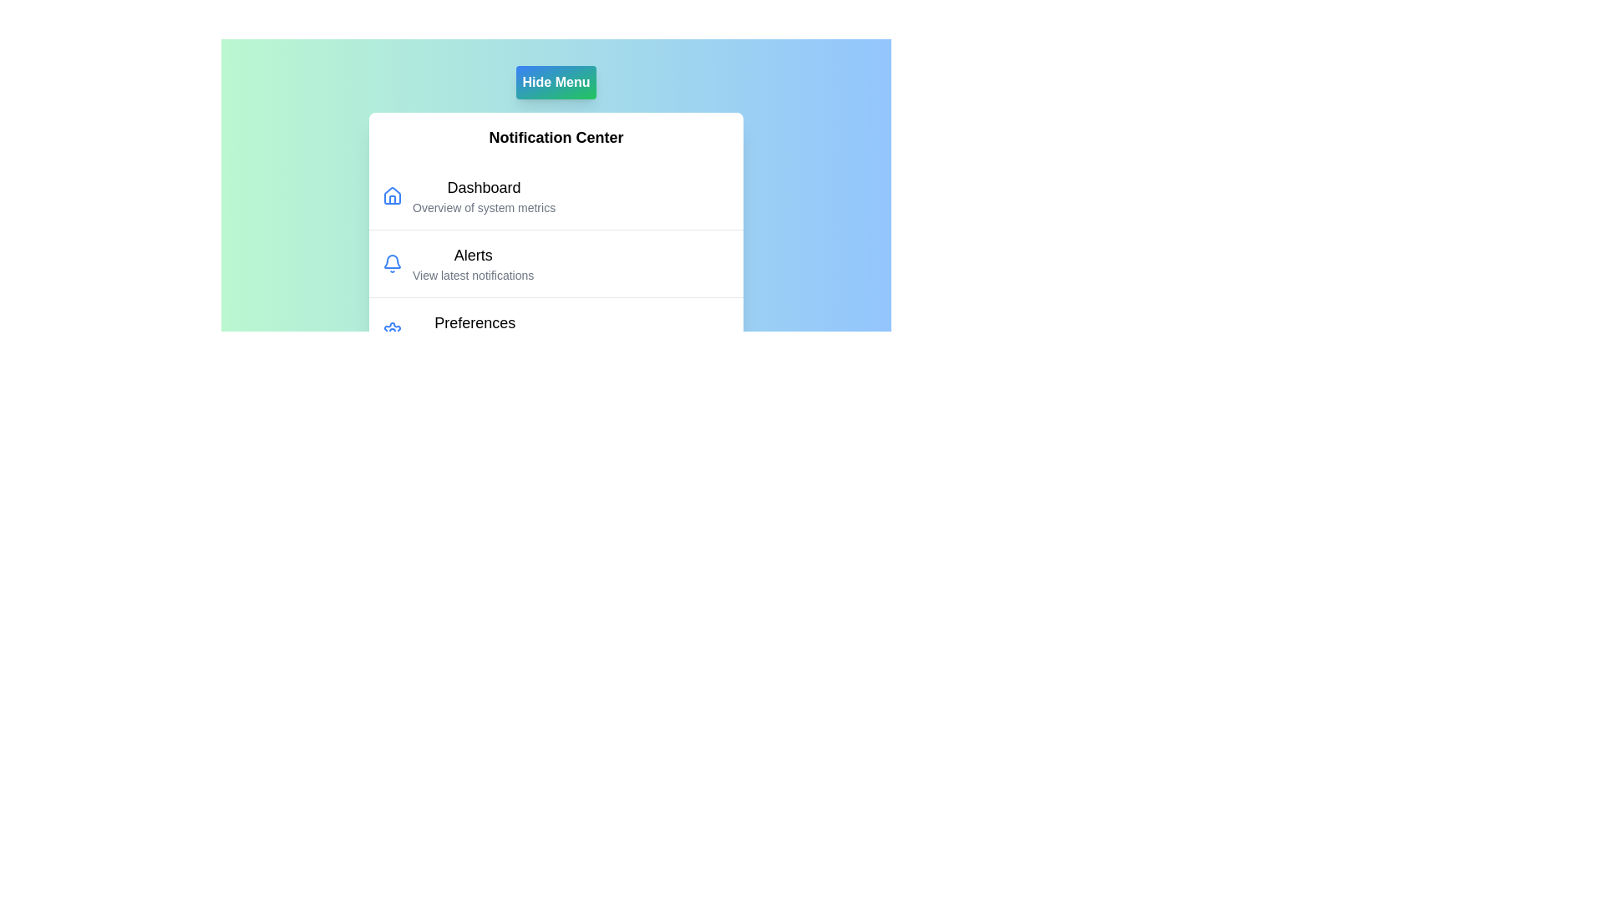 This screenshot has width=1604, height=902. Describe the element at coordinates (483, 187) in the screenshot. I see `the menu item labeled Dashboard to highlight it` at that location.